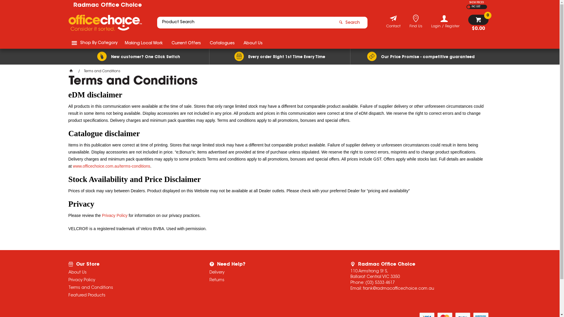 This screenshot has height=317, width=564. Describe the element at coordinates (475, 7) in the screenshot. I see `'INC GST'` at that location.